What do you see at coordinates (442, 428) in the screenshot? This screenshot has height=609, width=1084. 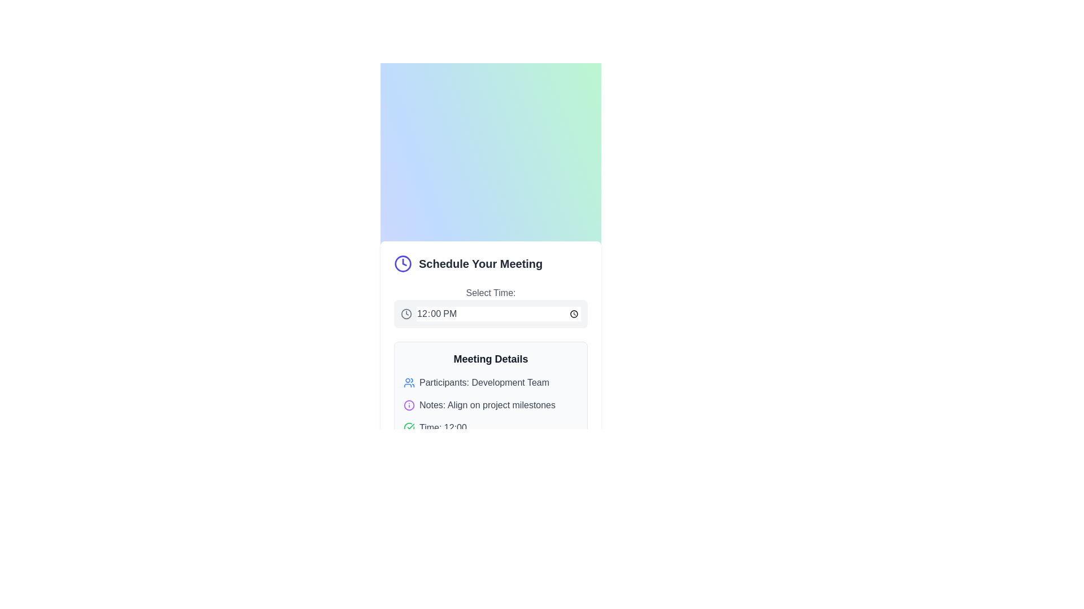 I see `the text label that displays 'Time: 12:00', which is positioned to the right of a green checkmark icon in the lower-middle section of the 'Meeting Details' card layout` at bounding box center [442, 428].